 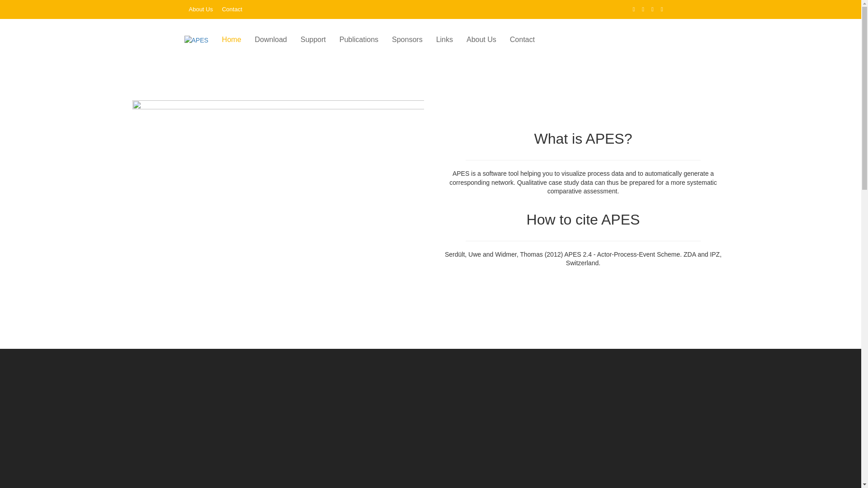 What do you see at coordinates (522, 39) in the screenshot?
I see `'Contact'` at bounding box center [522, 39].